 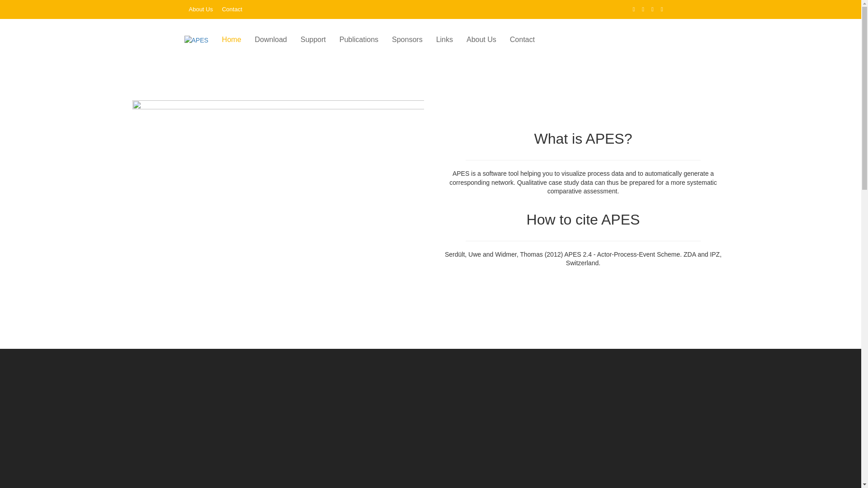 What do you see at coordinates (522, 39) in the screenshot?
I see `'Contact'` at bounding box center [522, 39].